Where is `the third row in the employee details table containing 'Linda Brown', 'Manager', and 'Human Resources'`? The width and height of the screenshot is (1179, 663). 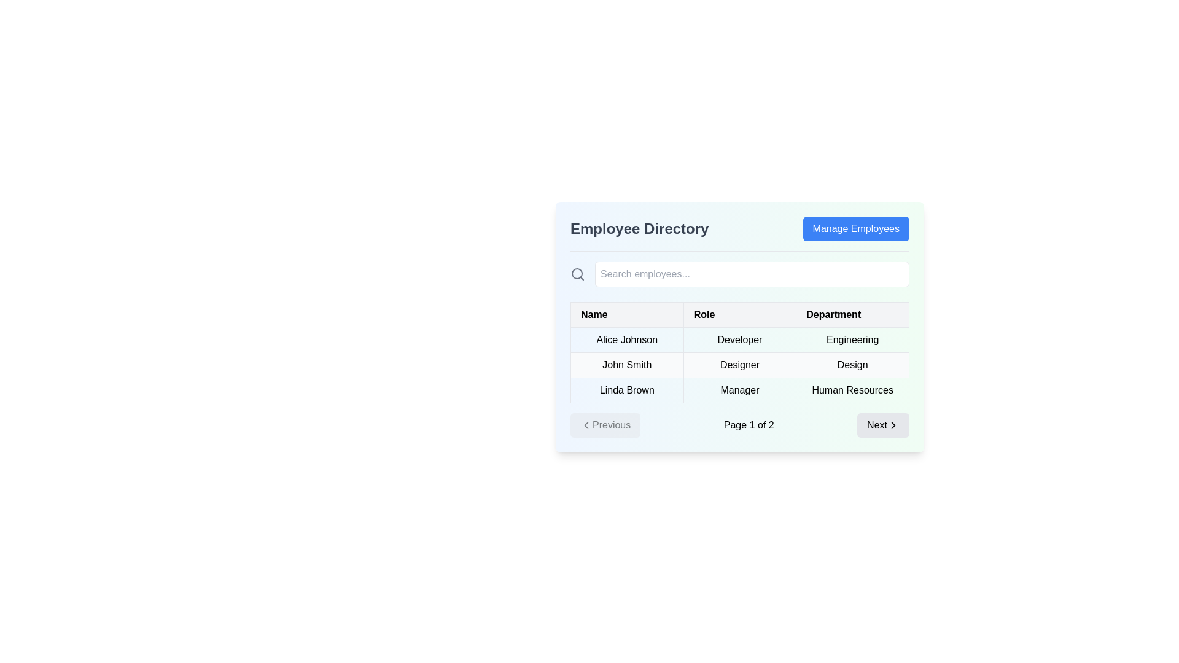 the third row in the employee details table containing 'Linda Brown', 'Manager', and 'Human Resources' is located at coordinates (739, 390).